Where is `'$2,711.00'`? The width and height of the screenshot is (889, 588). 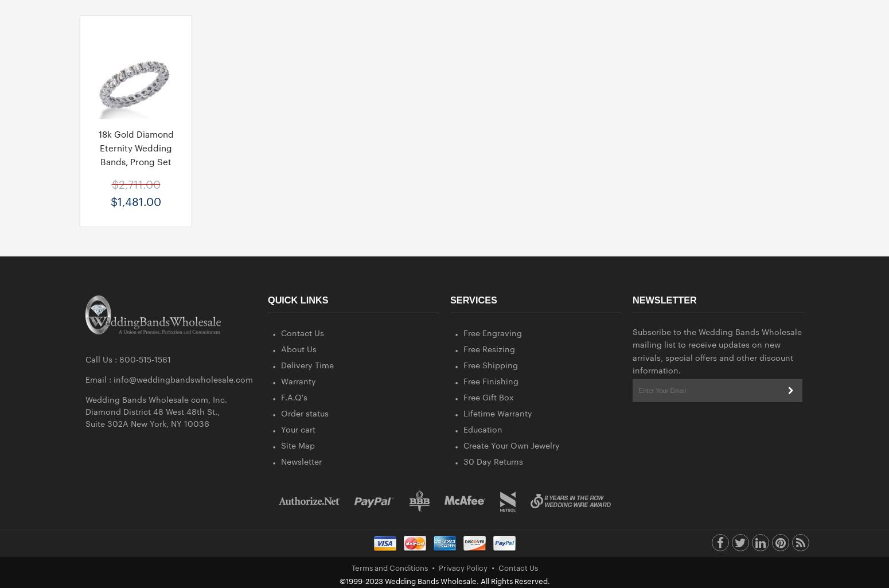
'$2,711.00' is located at coordinates (135, 182).